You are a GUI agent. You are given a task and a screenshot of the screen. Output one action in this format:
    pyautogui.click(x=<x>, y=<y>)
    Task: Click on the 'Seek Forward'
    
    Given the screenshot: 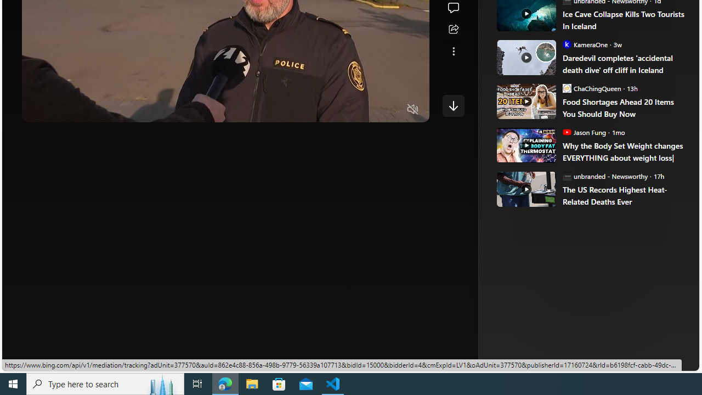 What is the action you would take?
    pyautogui.click(x=82, y=110)
    